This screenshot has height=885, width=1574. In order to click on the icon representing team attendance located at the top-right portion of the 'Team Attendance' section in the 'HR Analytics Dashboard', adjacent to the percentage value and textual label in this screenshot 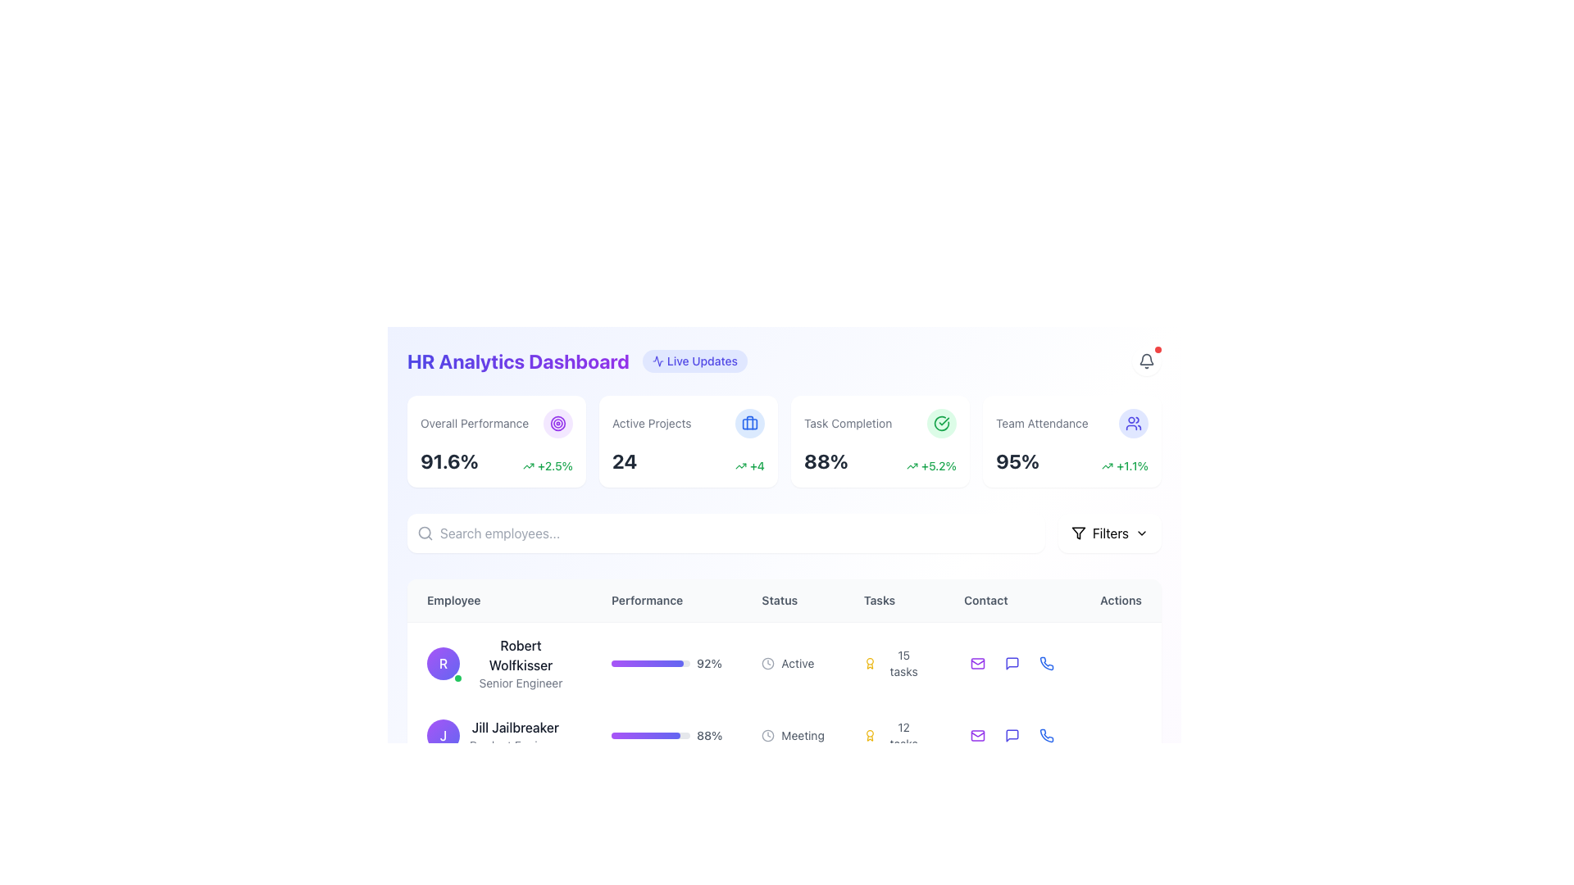, I will do `click(1132, 422)`.